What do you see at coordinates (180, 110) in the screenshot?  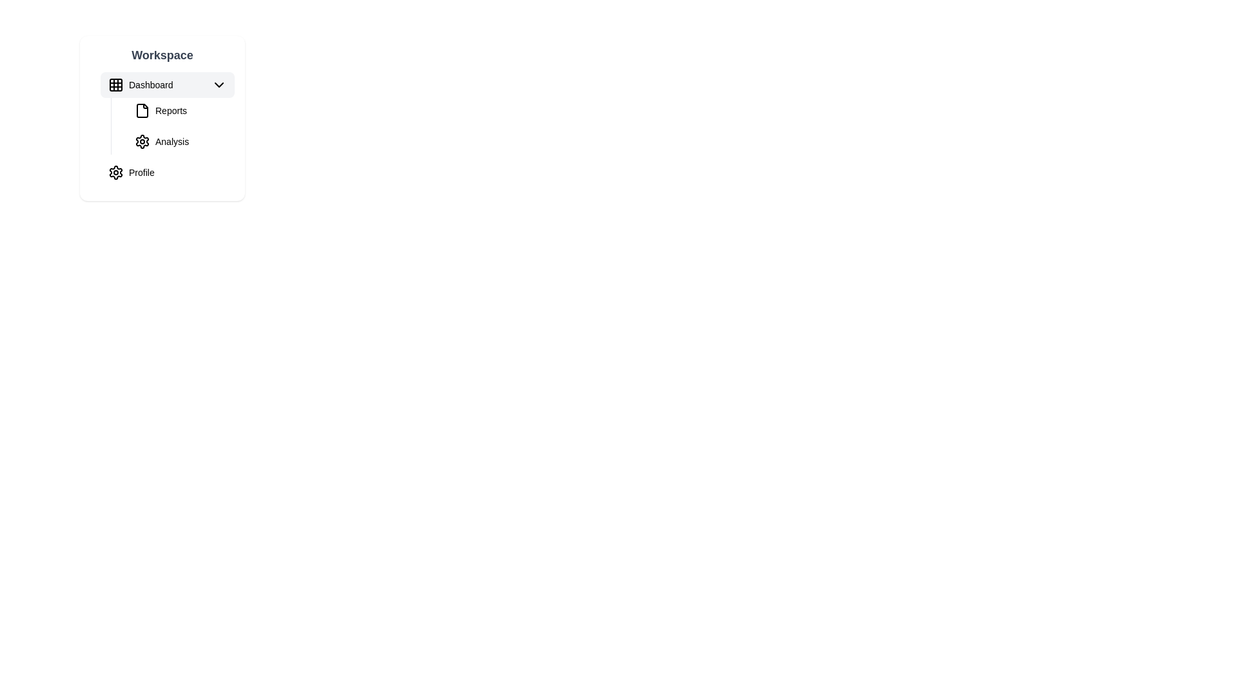 I see `the 'Reports' navigation link, which is styled with a bold sans-serif font and accompanied by a file document icon, located under the 'Workspace' section in the vertical list` at bounding box center [180, 110].